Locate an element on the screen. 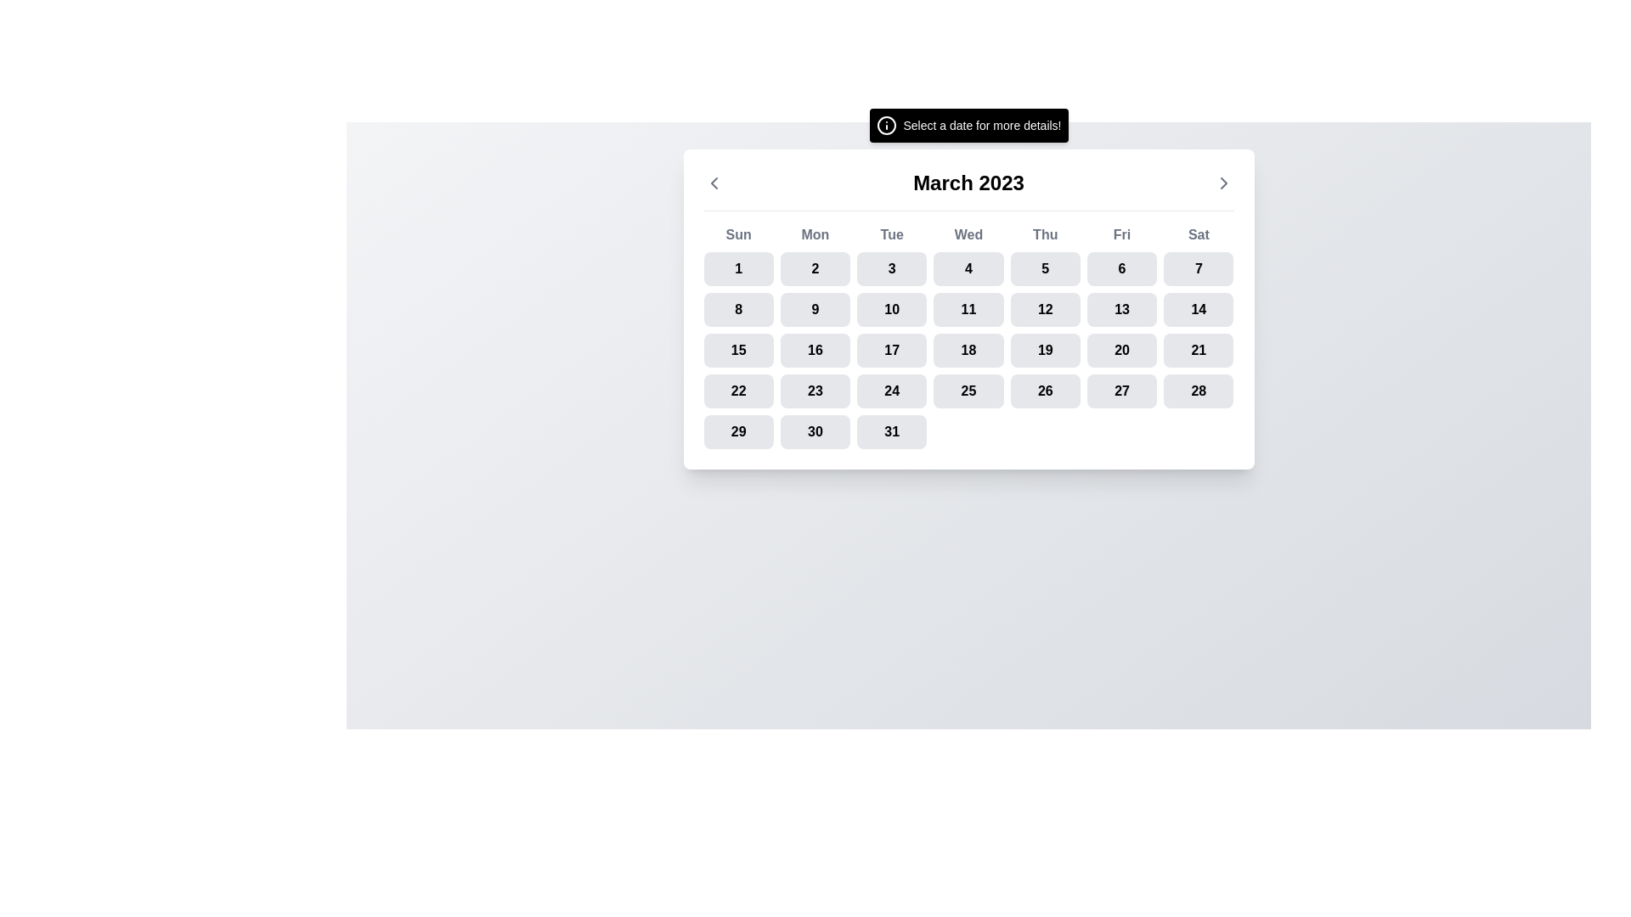  the button-like calendar date cell displaying '20' is located at coordinates (1122, 349).